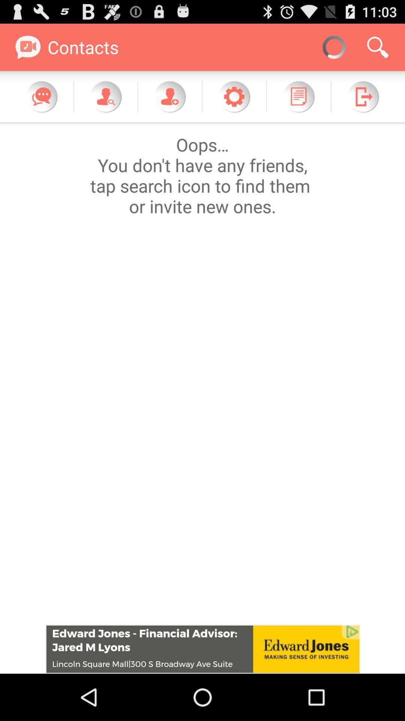  I want to click on search for contact, so click(105, 96).